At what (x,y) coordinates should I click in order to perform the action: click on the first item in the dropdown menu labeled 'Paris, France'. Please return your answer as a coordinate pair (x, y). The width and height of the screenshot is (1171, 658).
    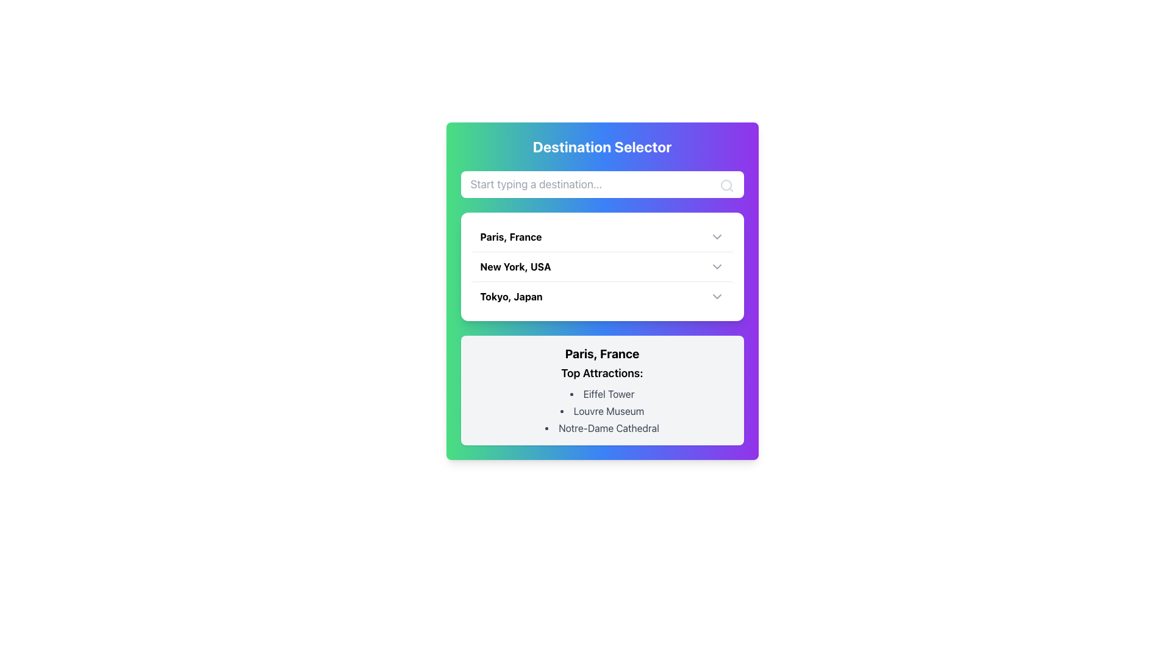
    Looking at the image, I should click on (602, 237).